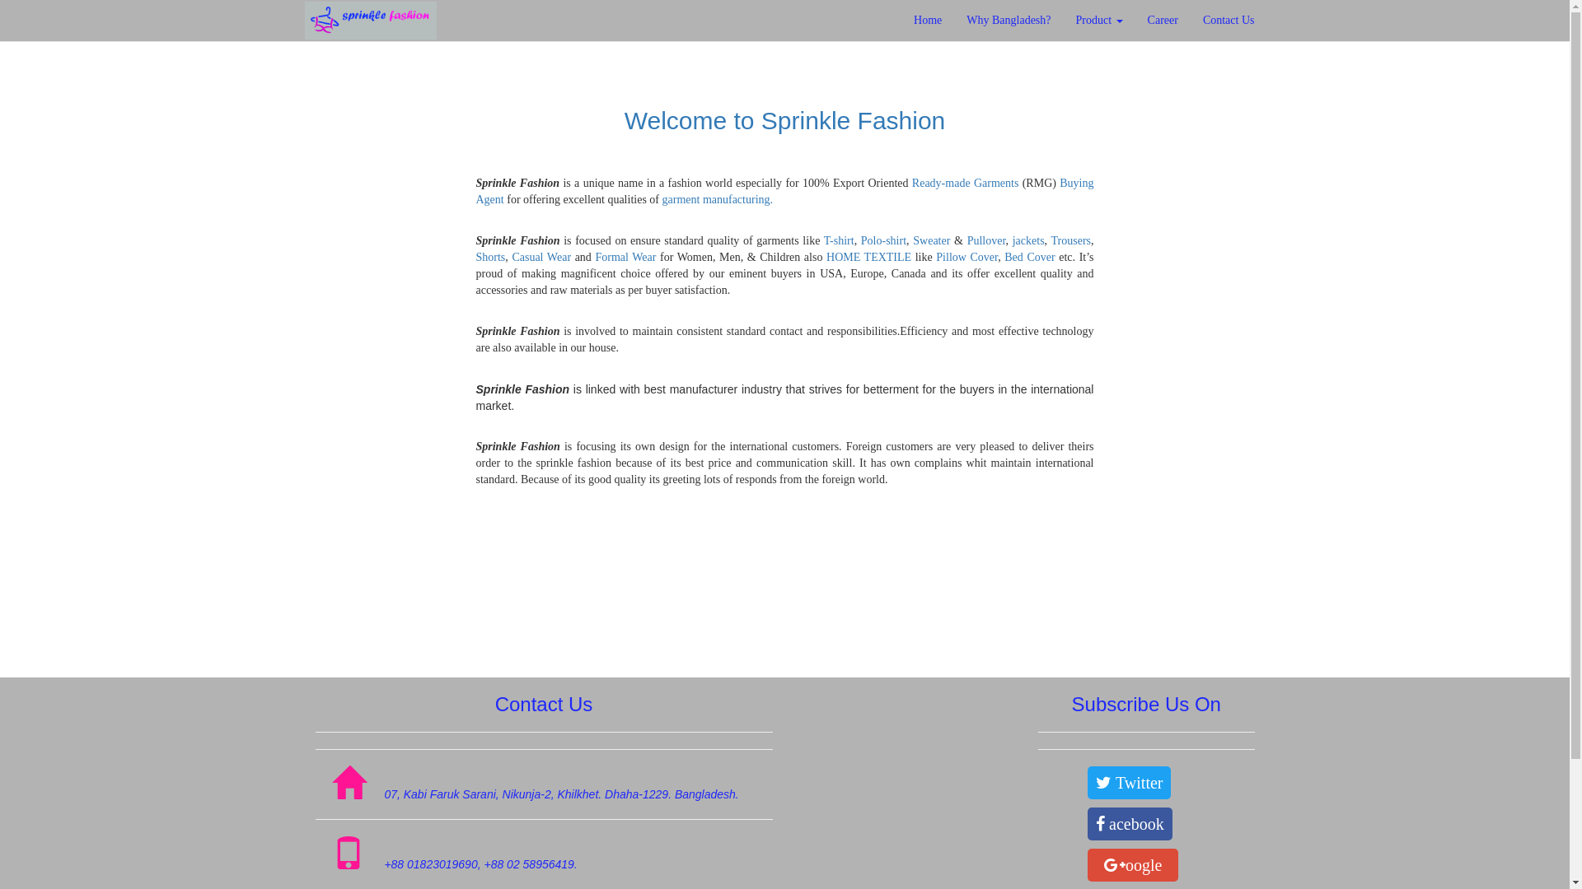 The width and height of the screenshot is (1582, 889). I want to click on 'HOME TEXTILE', so click(868, 257).